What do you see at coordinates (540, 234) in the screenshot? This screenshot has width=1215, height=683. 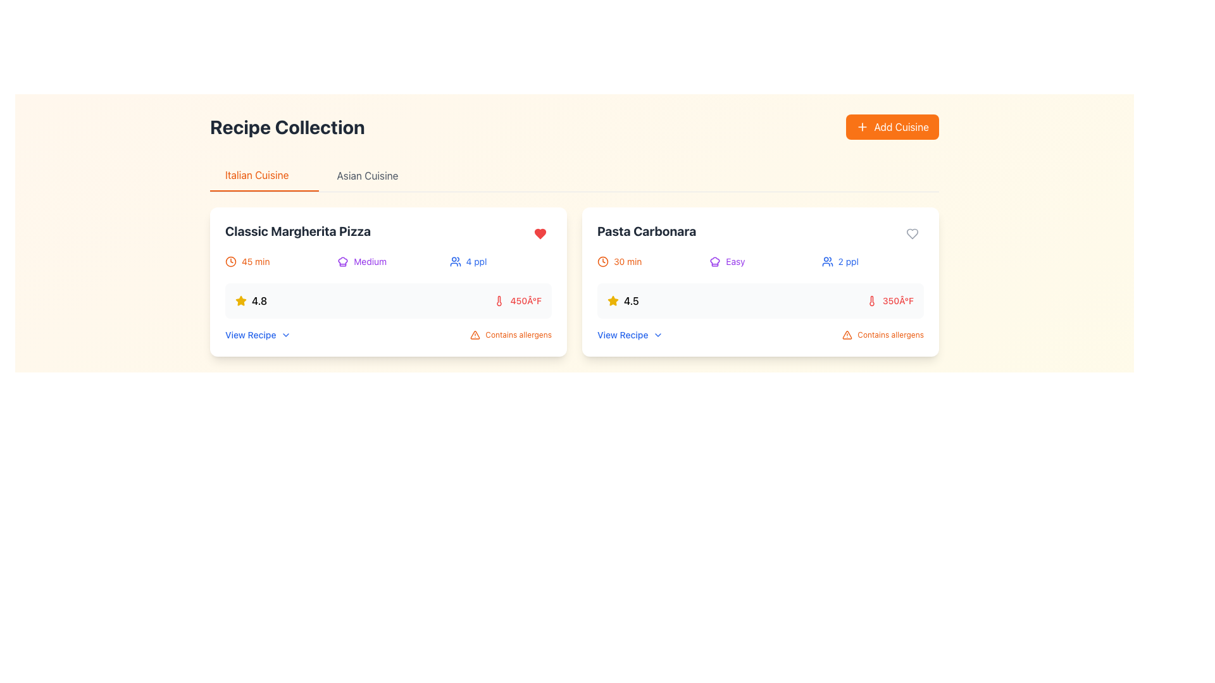 I see `the heart-shaped Icon button` at bounding box center [540, 234].